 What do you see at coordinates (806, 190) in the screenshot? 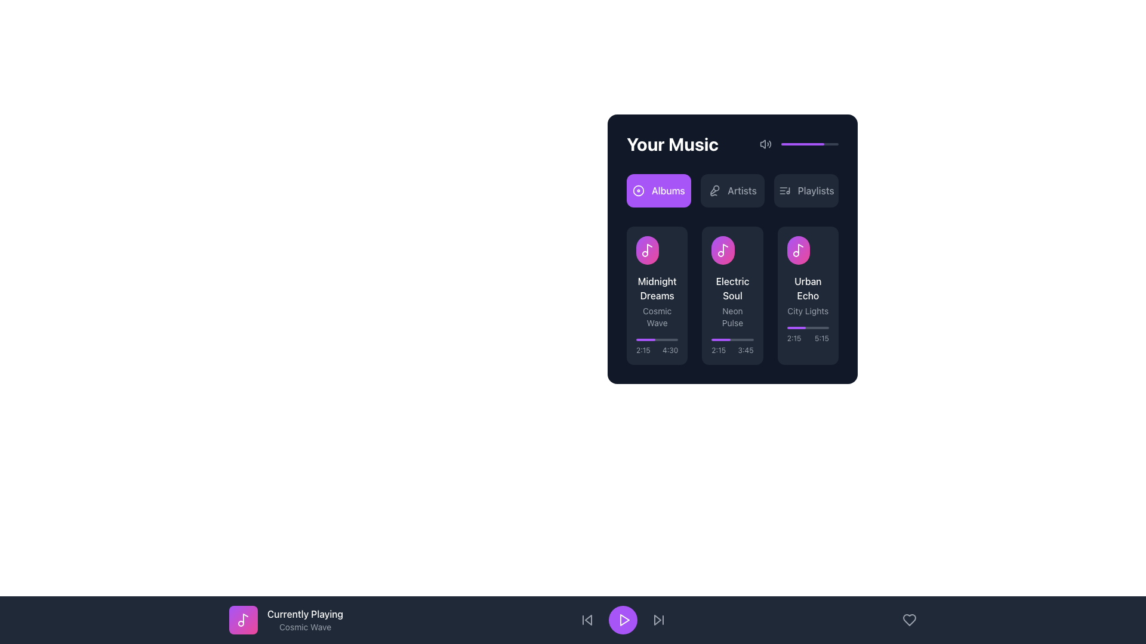
I see `the 'Playlists' button, which is a horizontally-aligned button with rounded corners, dark gray background, and light gray text` at bounding box center [806, 190].